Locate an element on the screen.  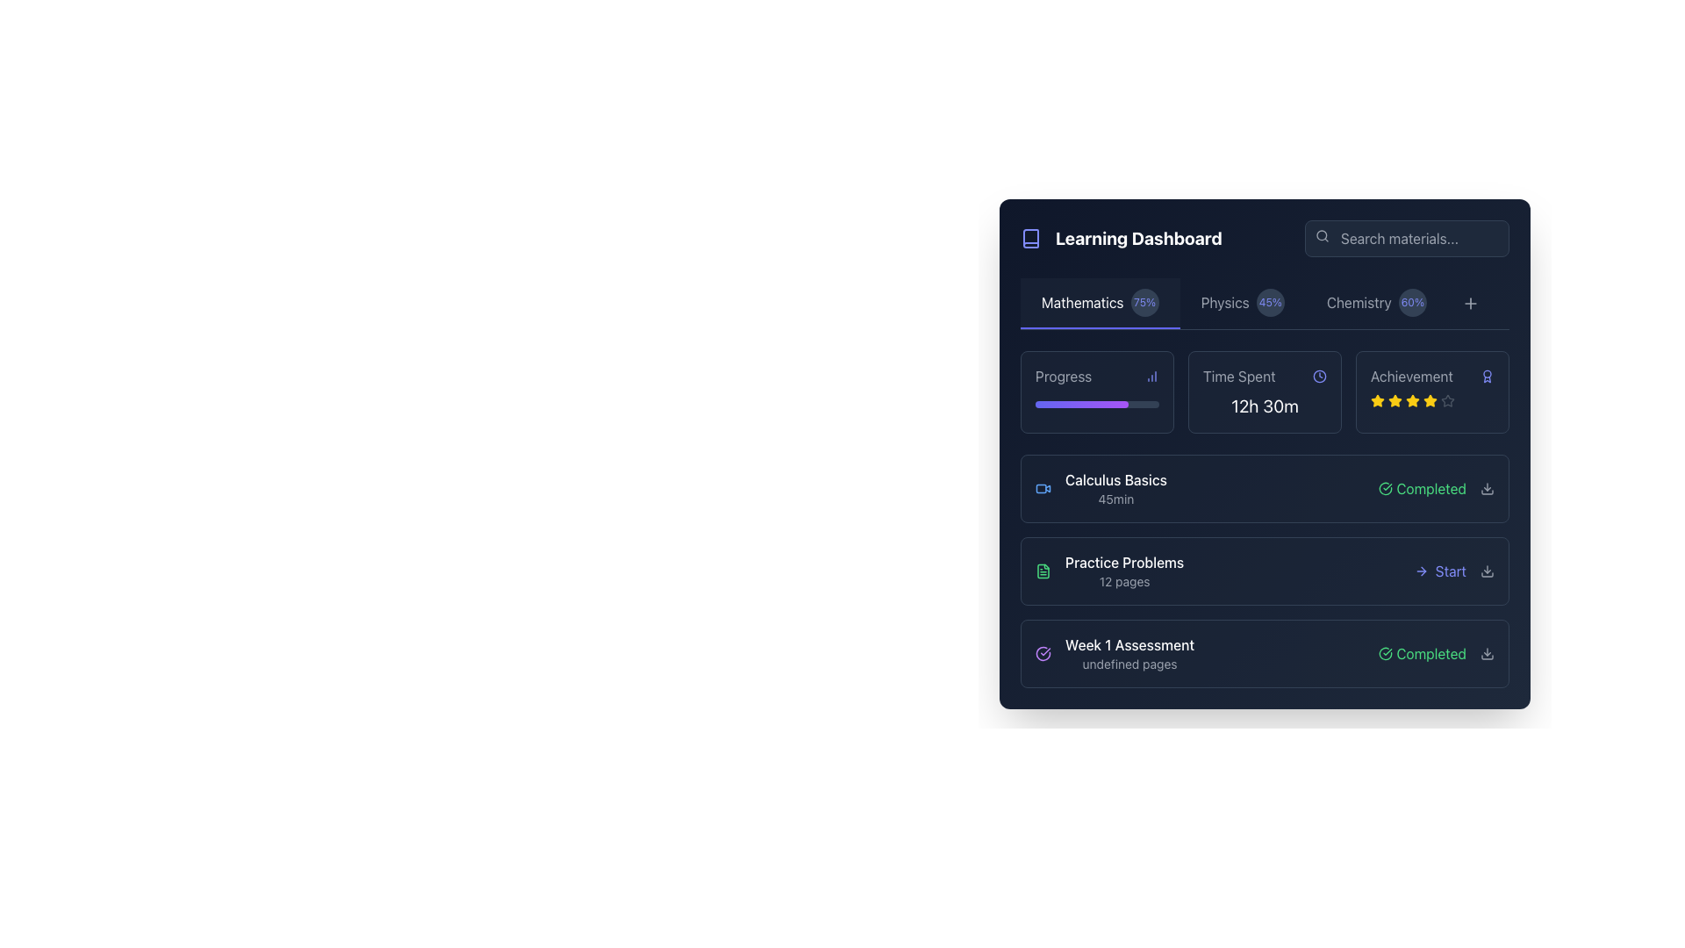
the light blue rectangular element located centrally inside the video camera icon in the first row of the dashboard layout is located at coordinates (1041, 488).